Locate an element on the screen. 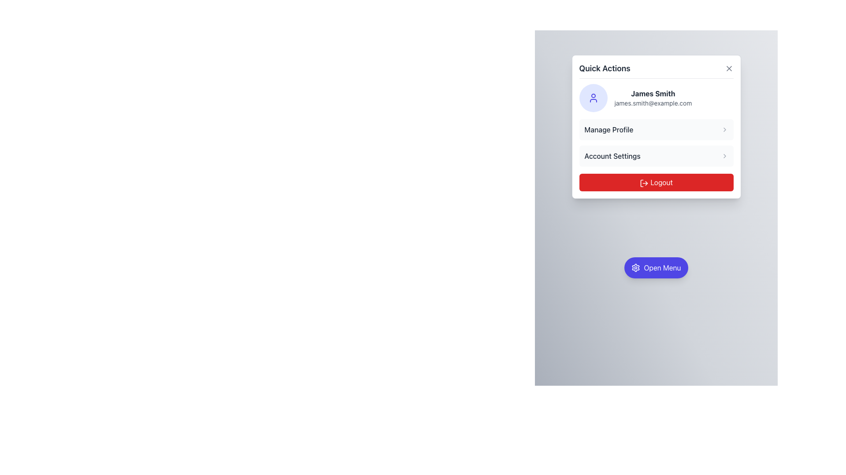  the profile management button located in the 'Quick Actions' modal dialog, positioned centrally below the user's profile information and above 'Account Settings' is located at coordinates (656, 127).